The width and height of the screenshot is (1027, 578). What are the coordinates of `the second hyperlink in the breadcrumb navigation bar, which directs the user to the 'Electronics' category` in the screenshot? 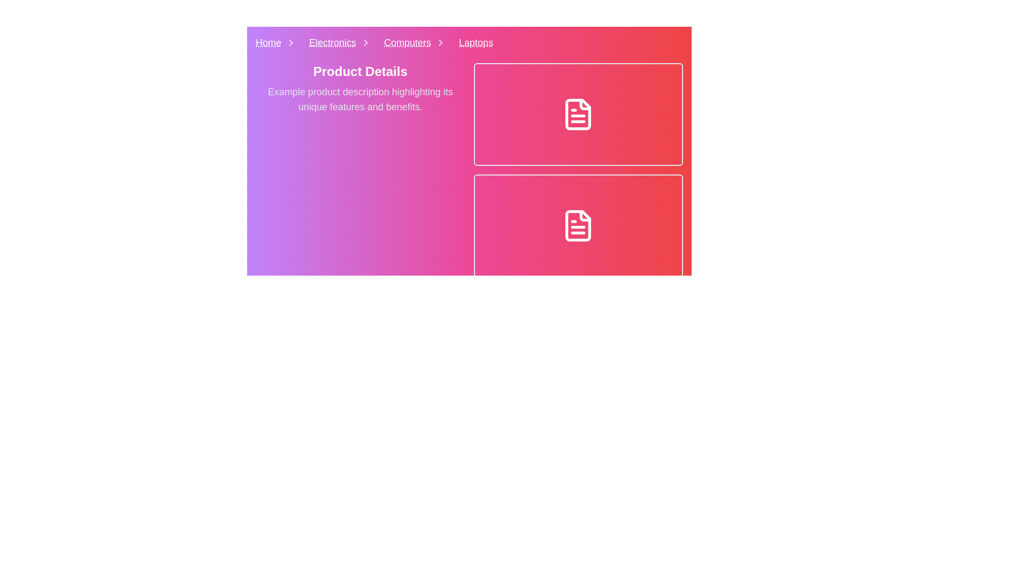 It's located at (332, 42).